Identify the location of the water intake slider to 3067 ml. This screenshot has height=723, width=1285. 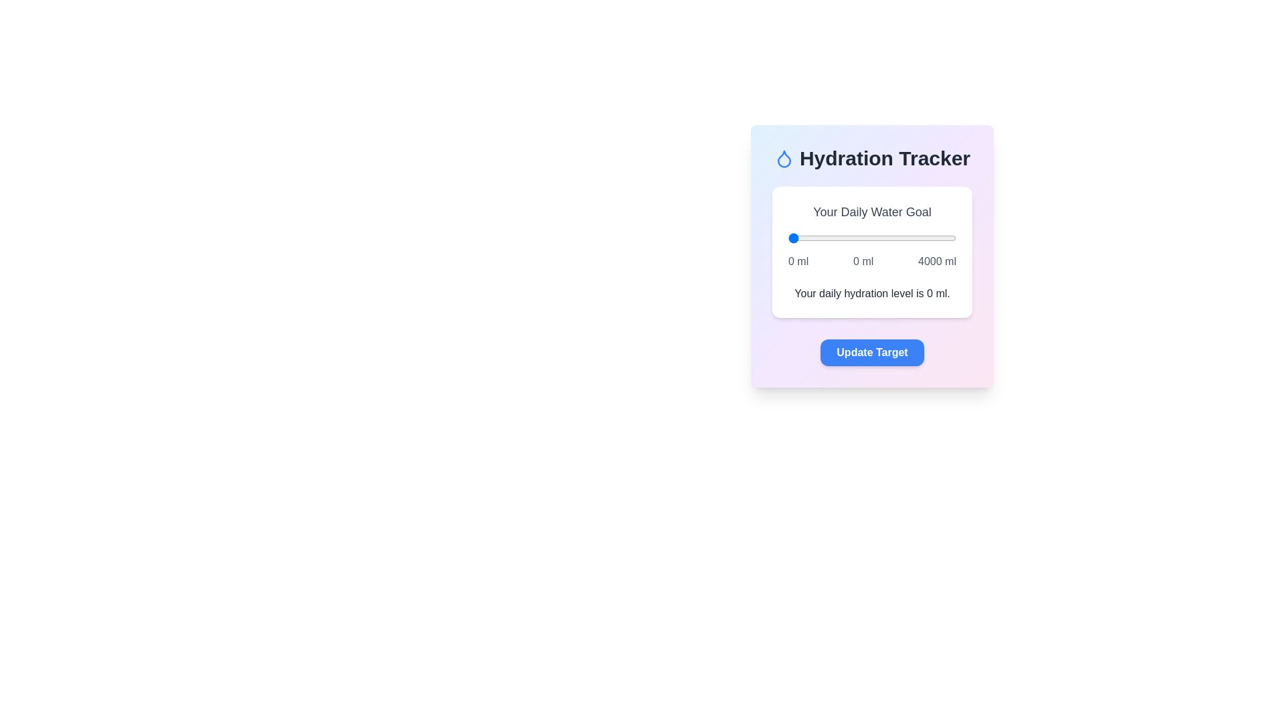
(916, 237).